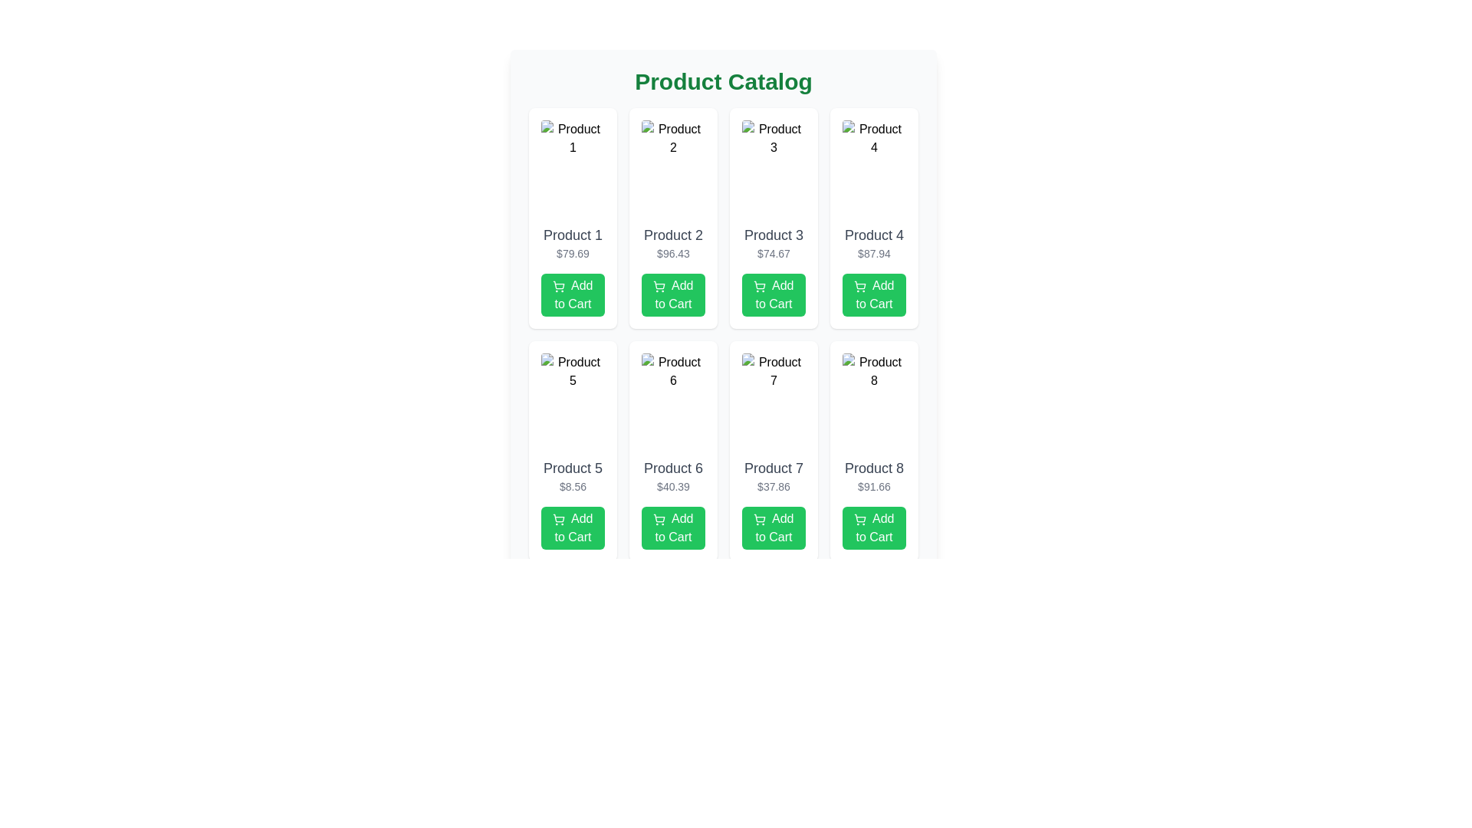  What do you see at coordinates (572, 235) in the screenshot?
I see `the text label displaying 'Product 1' located within the first product card, positioned below the product image and above the price label '$79.69'` at bounding box center [572, 235].